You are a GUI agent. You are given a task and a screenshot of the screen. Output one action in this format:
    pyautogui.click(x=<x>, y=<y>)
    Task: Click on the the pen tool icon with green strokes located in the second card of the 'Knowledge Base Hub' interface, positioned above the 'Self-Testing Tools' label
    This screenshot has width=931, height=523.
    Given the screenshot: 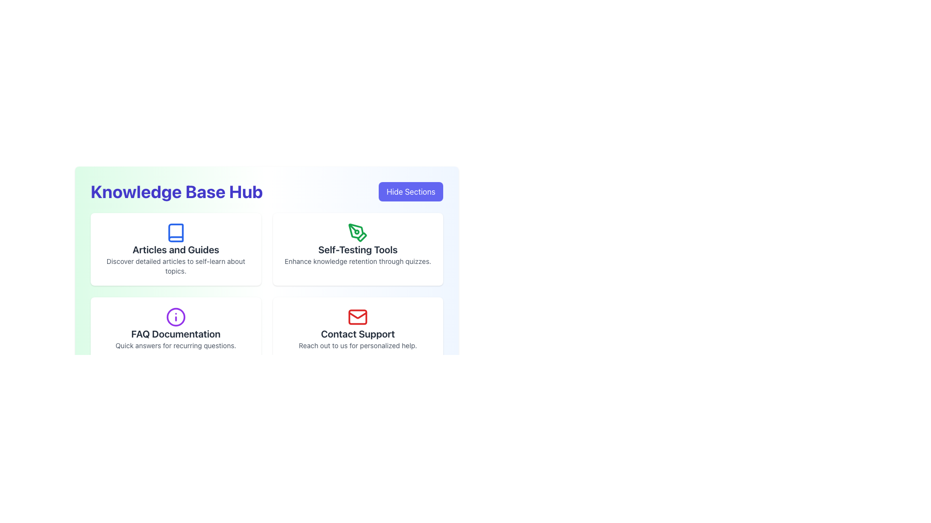 What is the action you would take?
    pyautogui.click(x=357, y=233)
    